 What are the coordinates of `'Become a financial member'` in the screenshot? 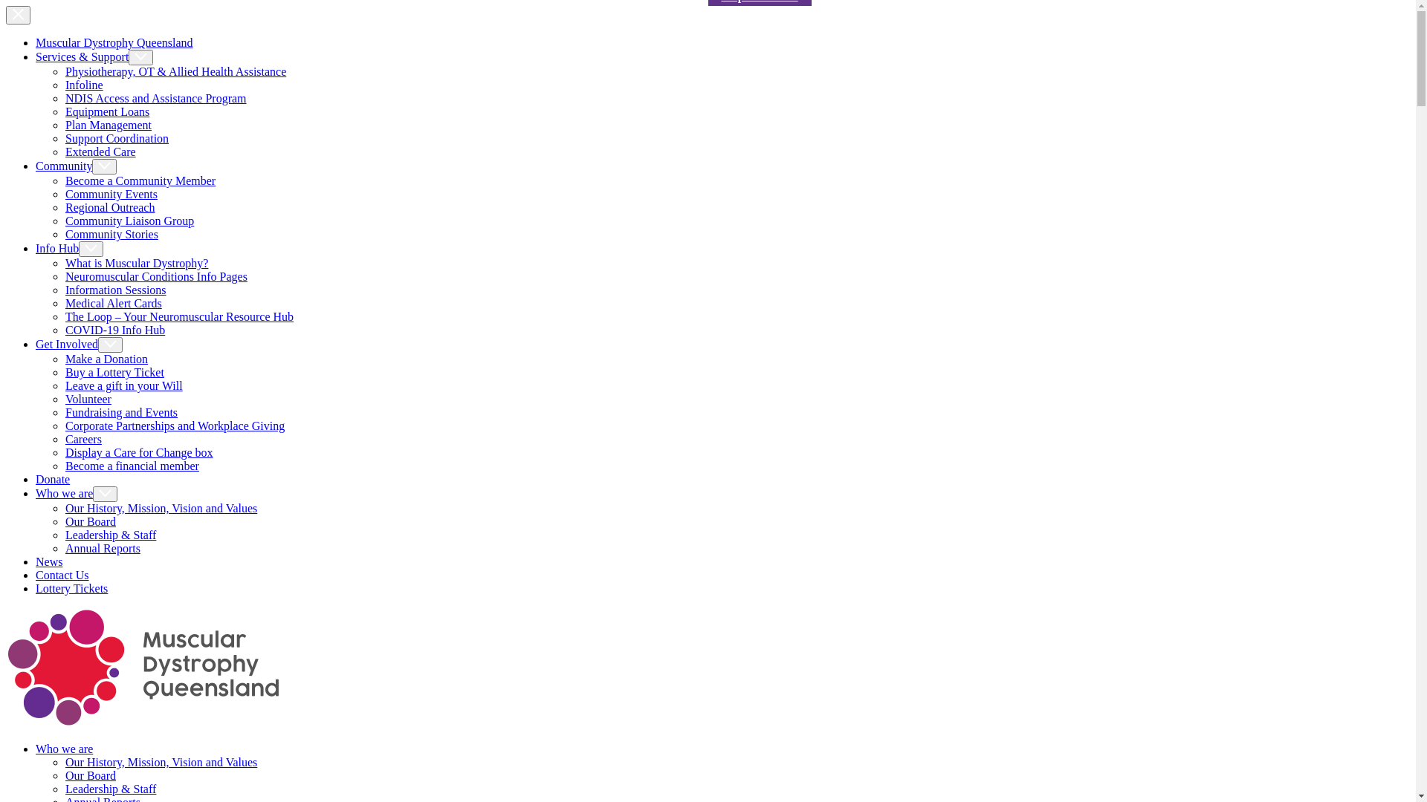 It's located at (132, 465).